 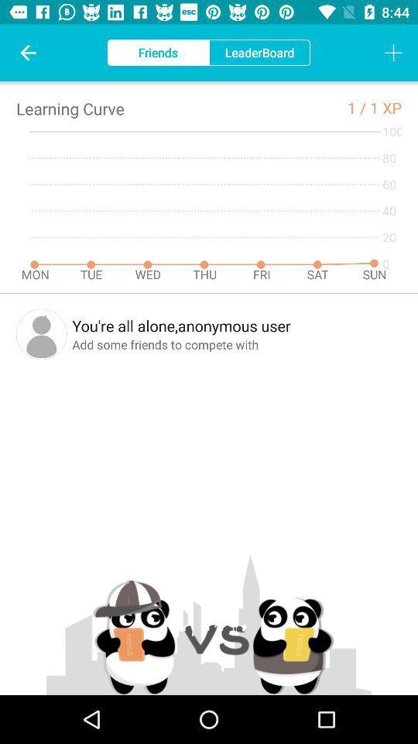 What do you see at coordinates (28, 53) in the screenshot?
I see `icon to the left of friends` at bounding box center [28, 53].